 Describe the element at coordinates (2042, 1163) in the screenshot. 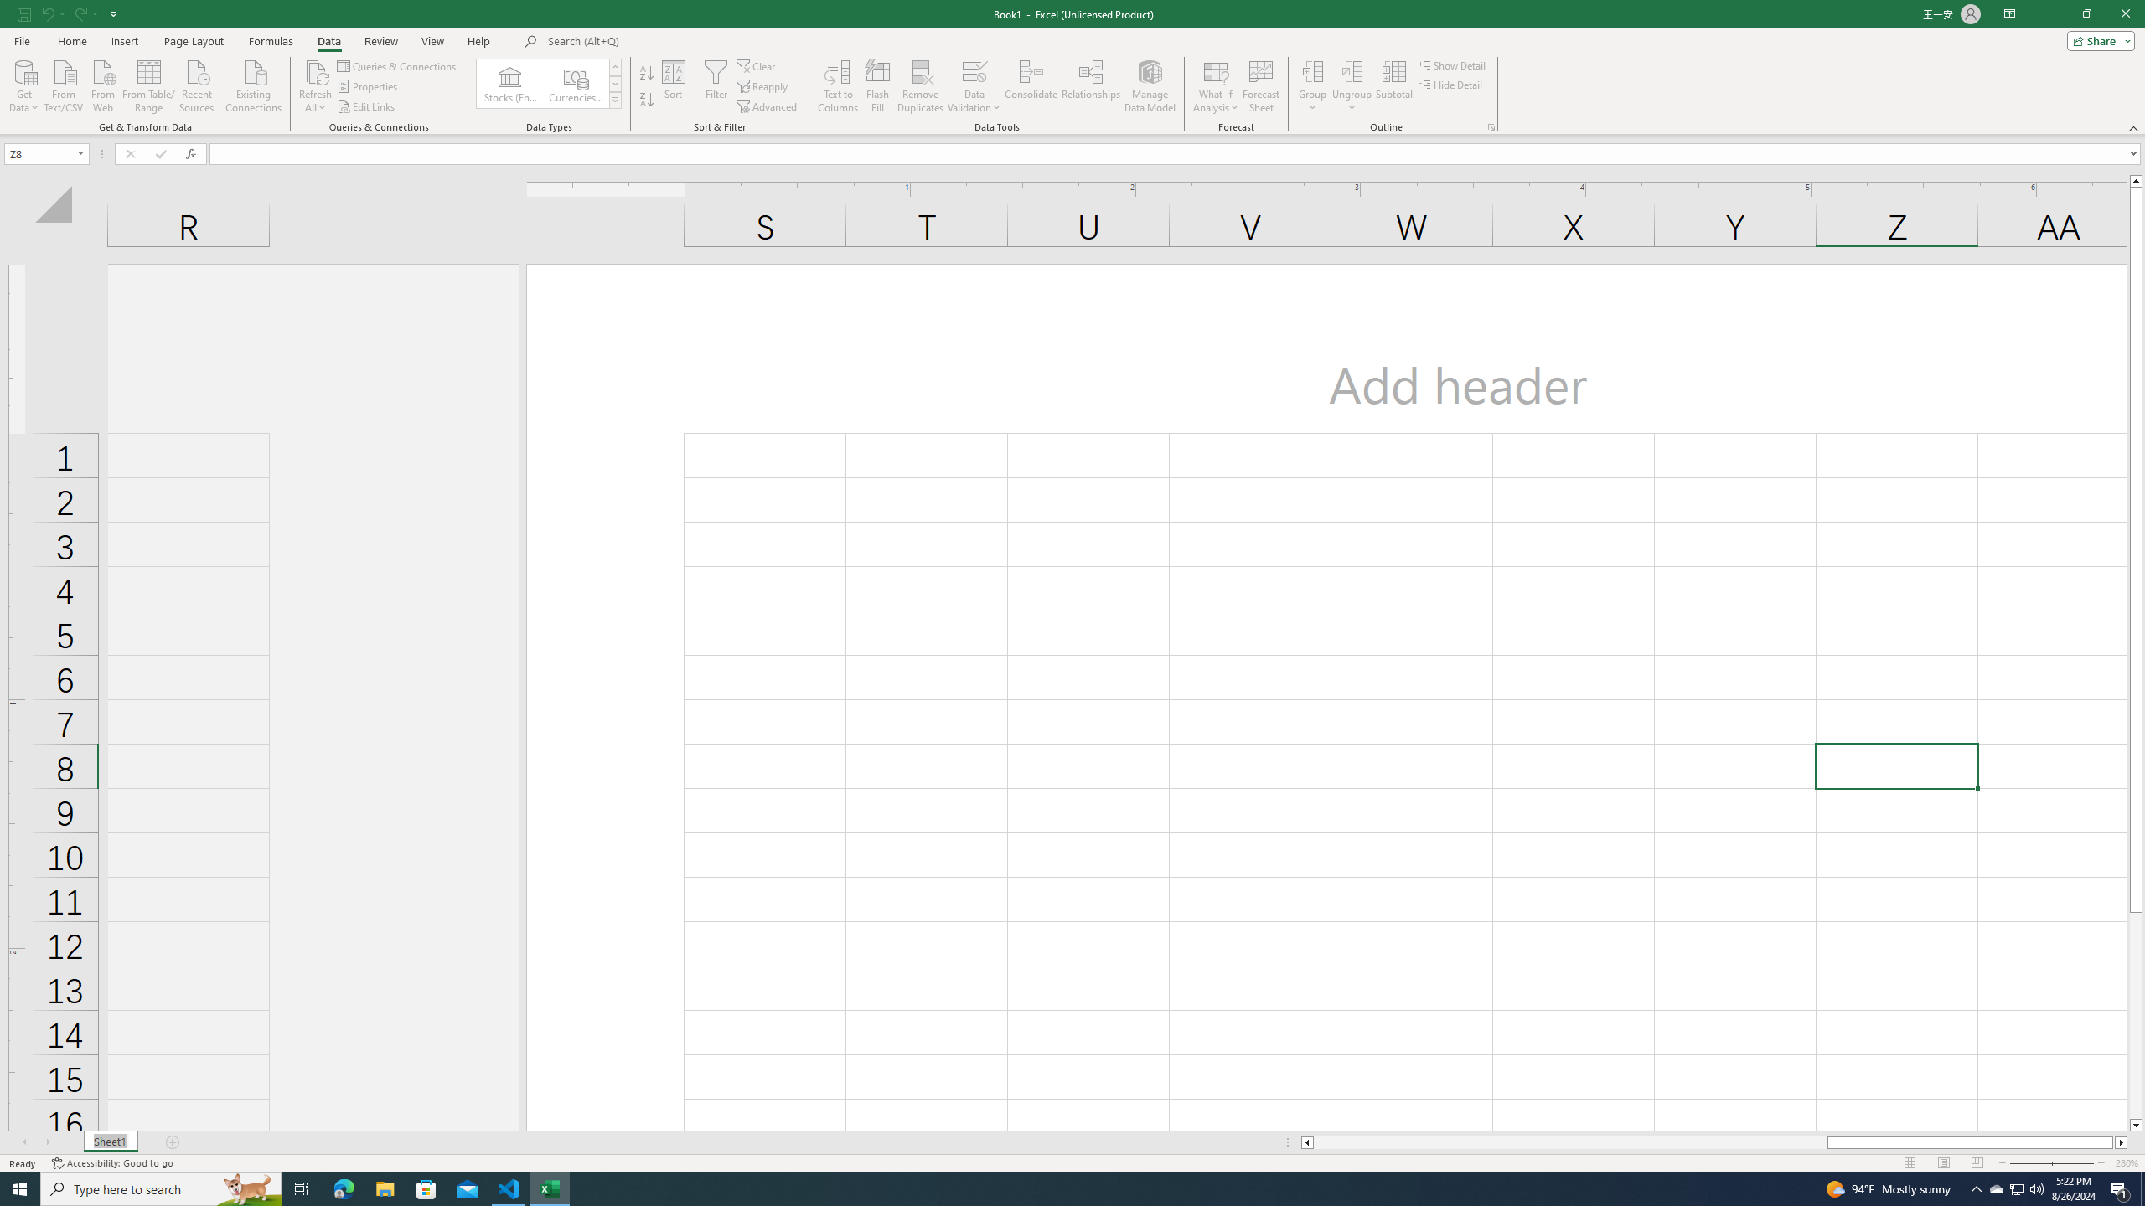

I see `'Zoom Out'` at that location.